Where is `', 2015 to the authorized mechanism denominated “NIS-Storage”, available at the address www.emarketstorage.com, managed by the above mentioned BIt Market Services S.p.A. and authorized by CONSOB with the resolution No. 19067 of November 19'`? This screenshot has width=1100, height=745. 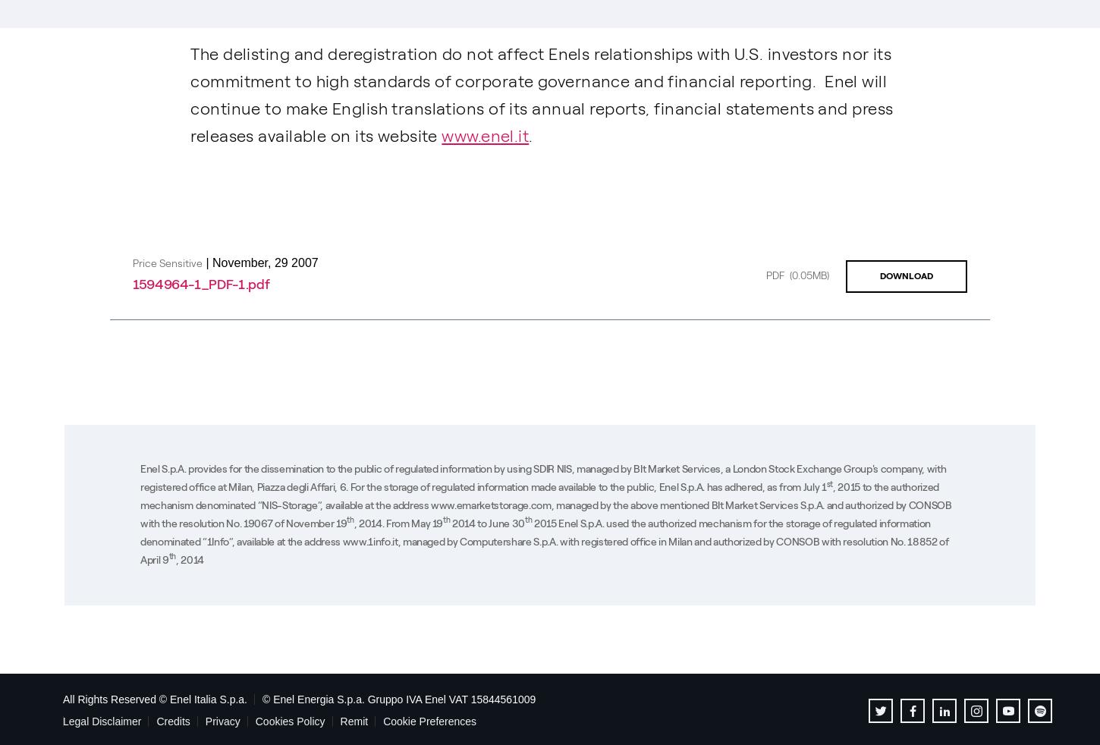
', 2015 to the authorized mechanism denominated “NIS-Storage”, available at the address www.emarketstorage.com, managed by the above mentioned BIt Market Services S.p.A. and authorized by CONSOB with the resolution No. 19067 of November 19' is located at coordinates (545, 503).